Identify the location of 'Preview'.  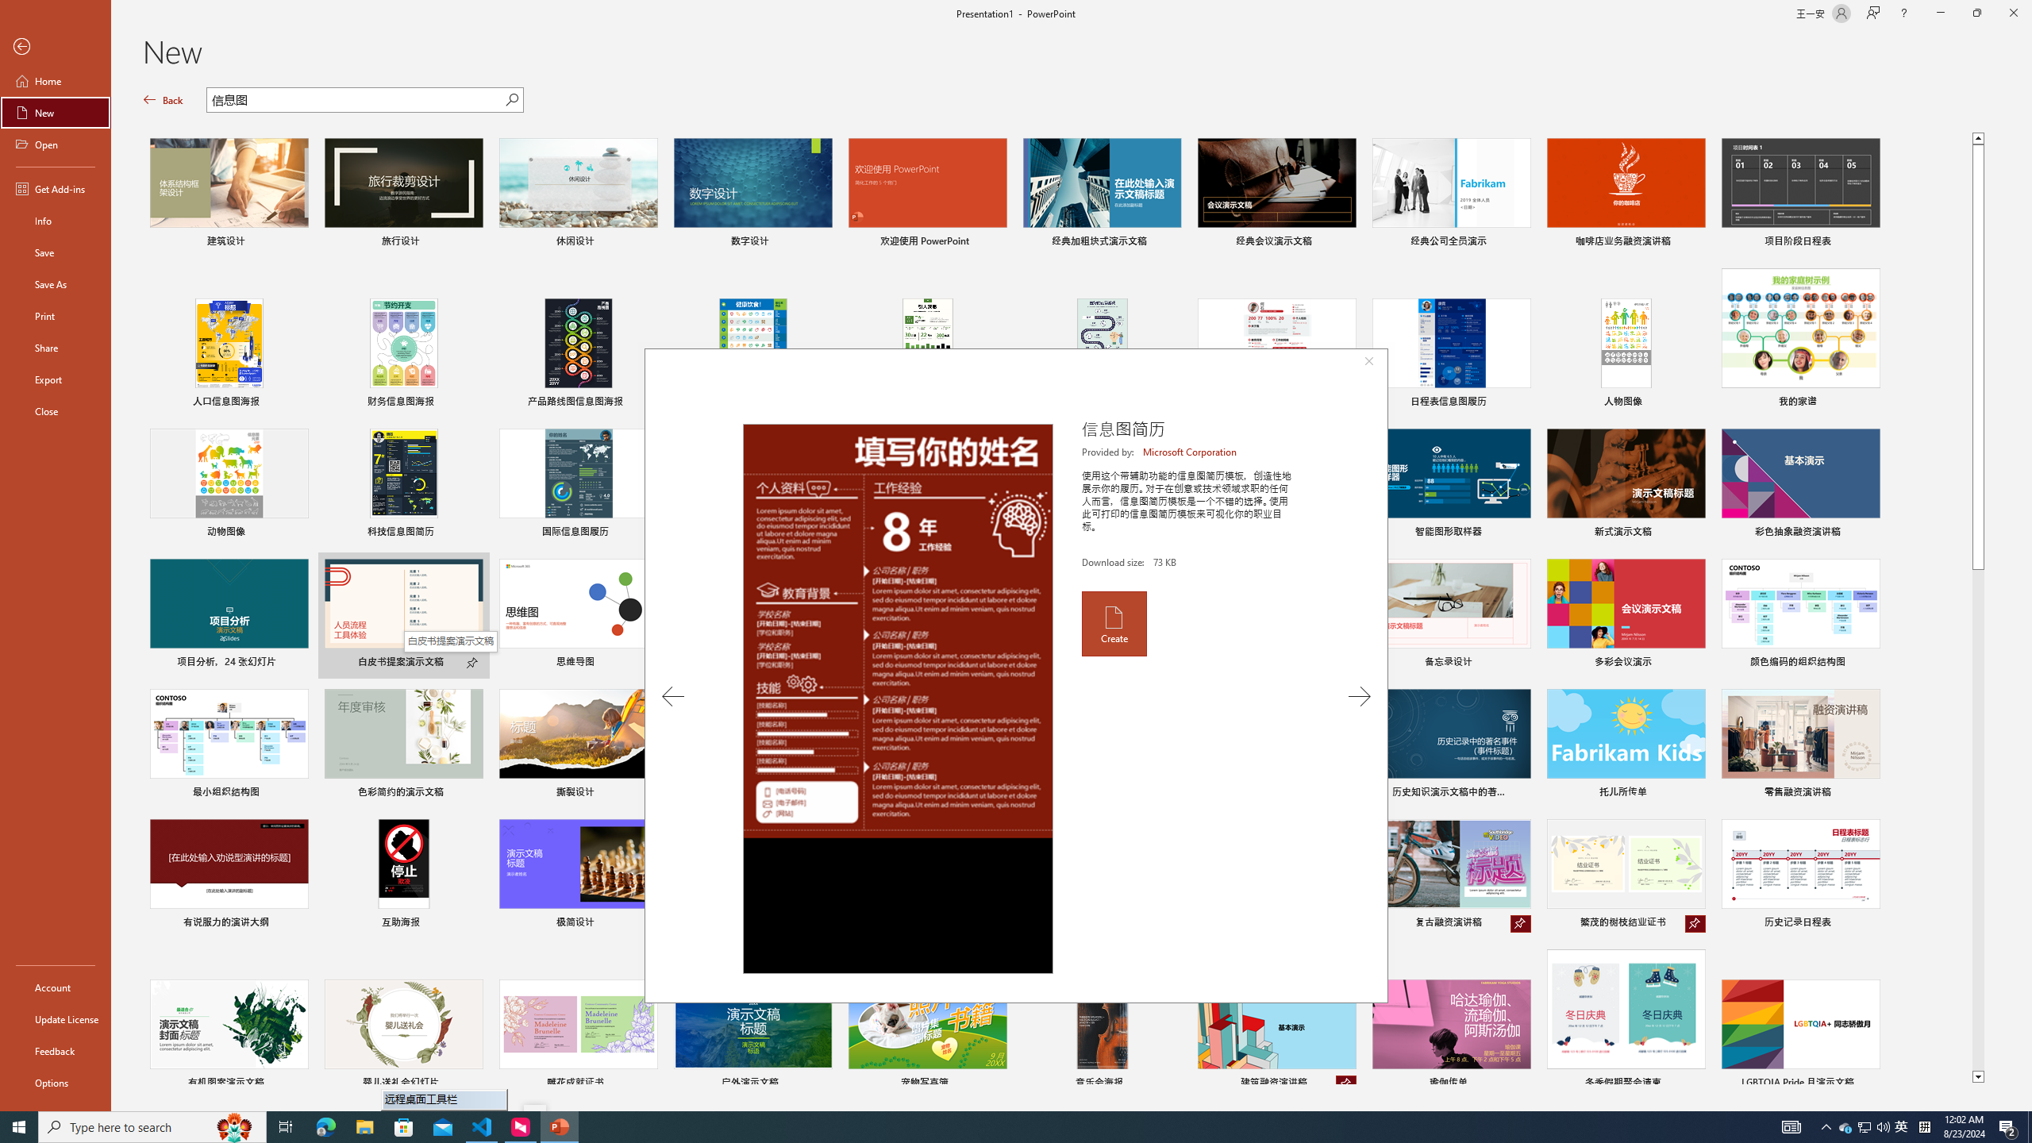
(897, 698).